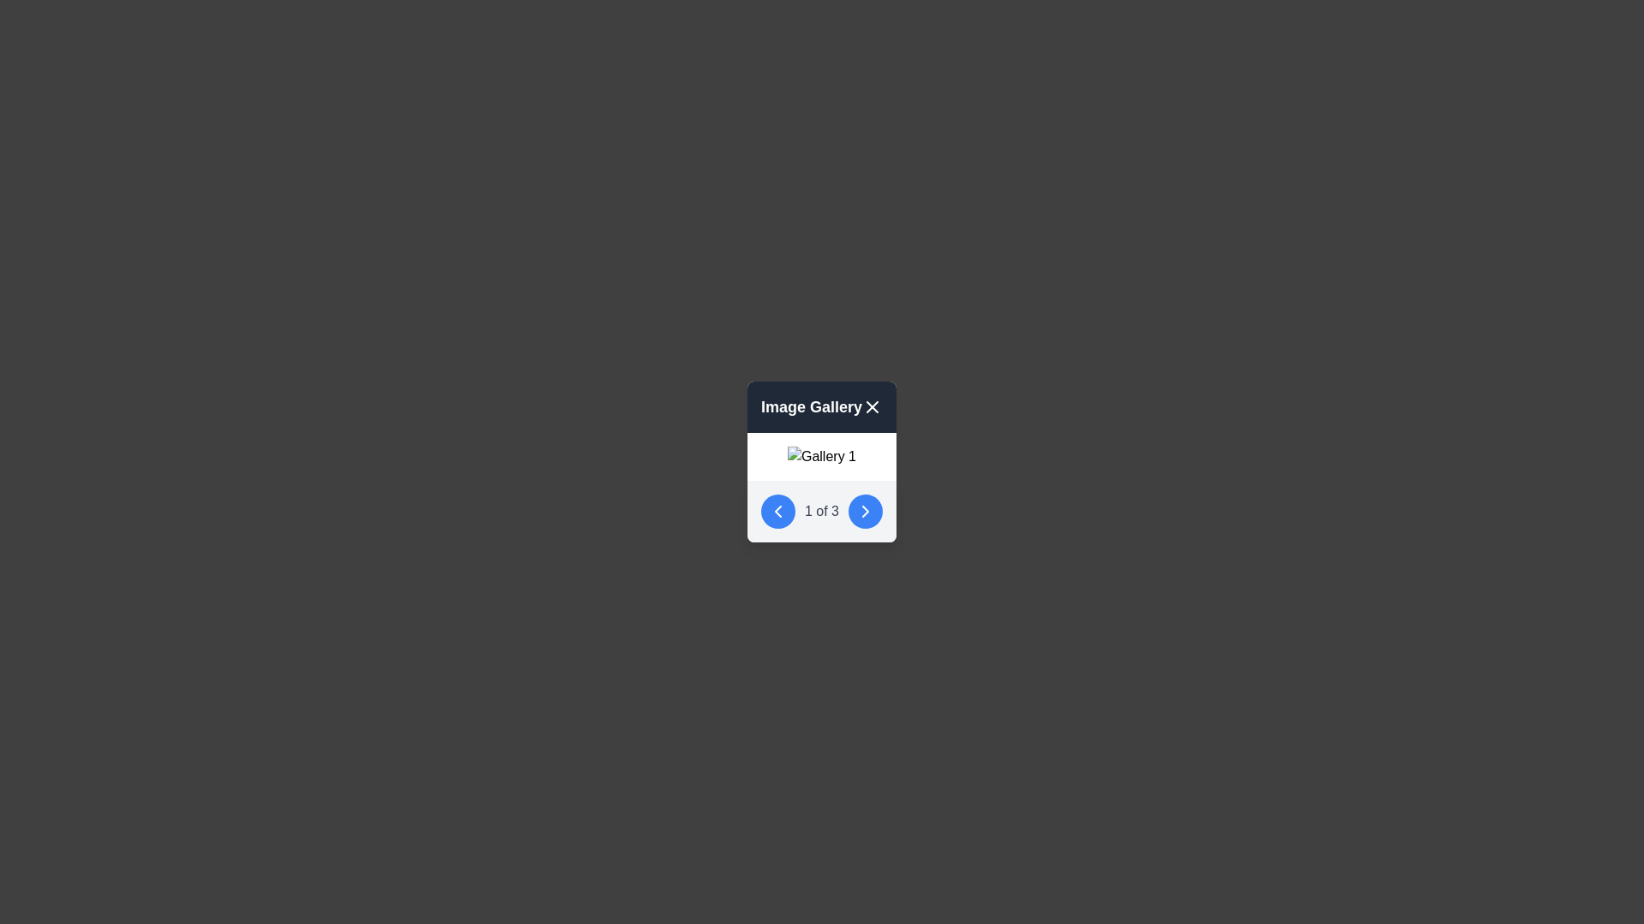 This screenshot has width=1644, height=924. Describe the element at coordinates (866, 510) in the screenshot. I see `the right-pointing chevron icon located inside the blue circular button to the right of the pagination counter '1 of 3' in the image gallery pop-up` at that location.